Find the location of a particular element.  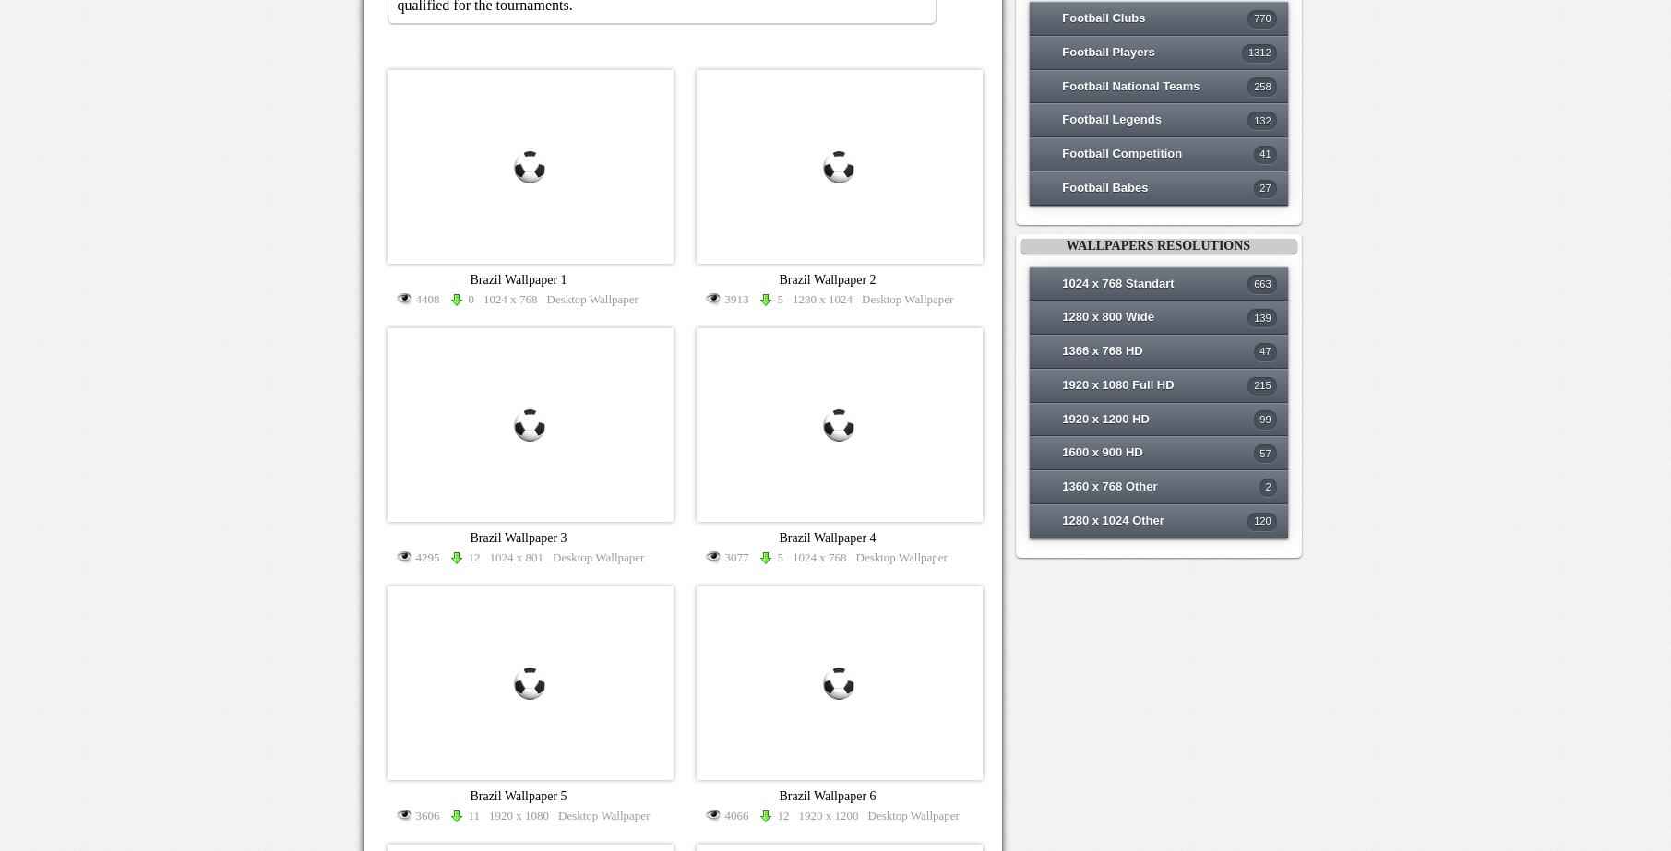

'Football Players' is located at coordinates (1107, 51).